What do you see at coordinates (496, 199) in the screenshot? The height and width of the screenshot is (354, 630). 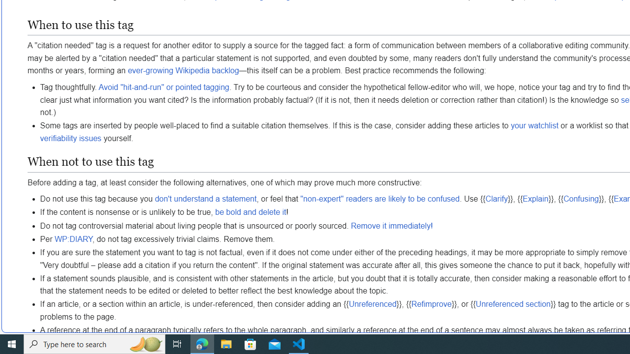 I see `'Clarify'` at bounding box center [496, 199].